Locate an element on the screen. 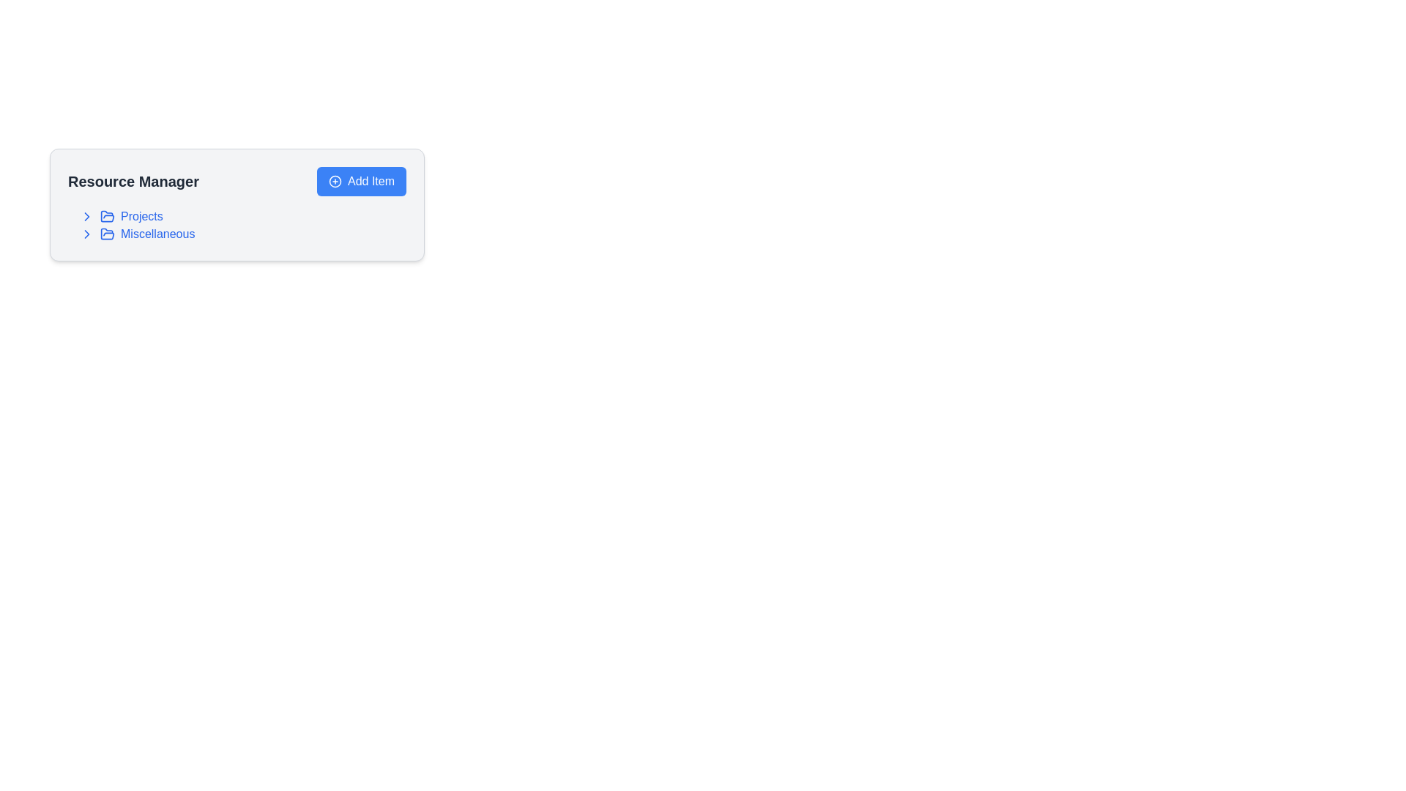 The width and height of the screenshot is (1406, 791). the Right-pointing arrow icon next to the 'Miscellaneous' title is located at coordinates (86, 234).